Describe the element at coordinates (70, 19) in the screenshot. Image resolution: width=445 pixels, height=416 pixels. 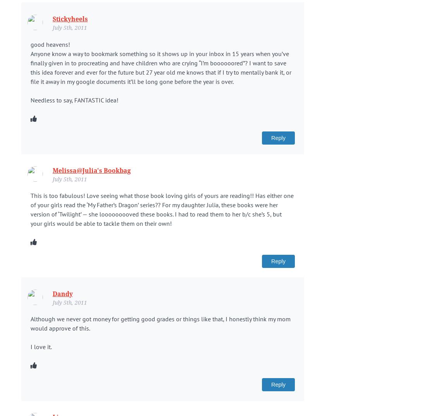
I see `'Stickyheels'` at that location.